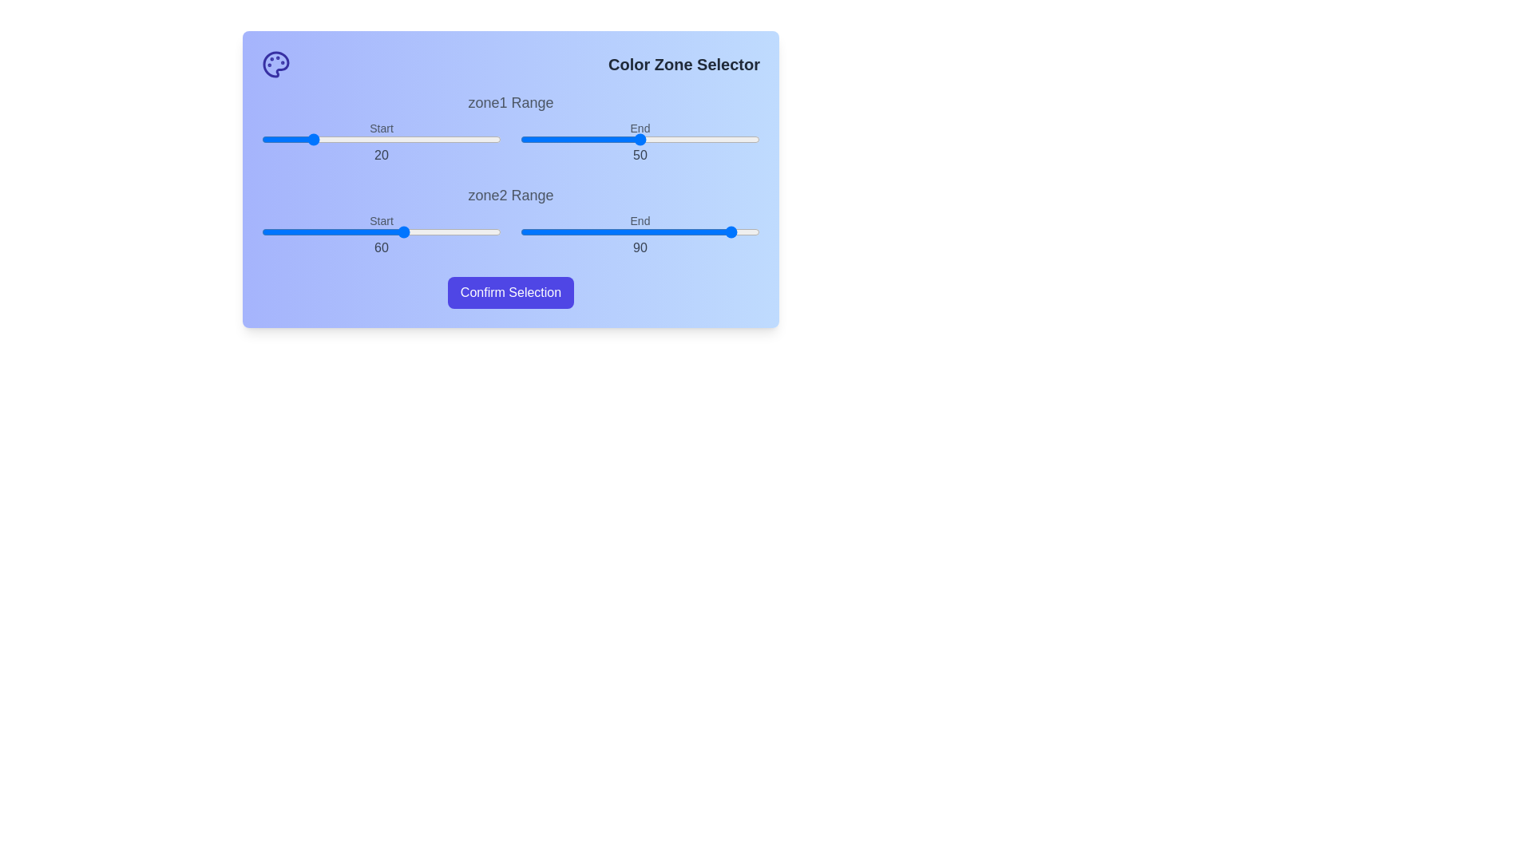  What do you see at coordinates (726, 138) in the screenshot?
I see `the end range slider for zone1 to 86` at bounding box center [726, 138].